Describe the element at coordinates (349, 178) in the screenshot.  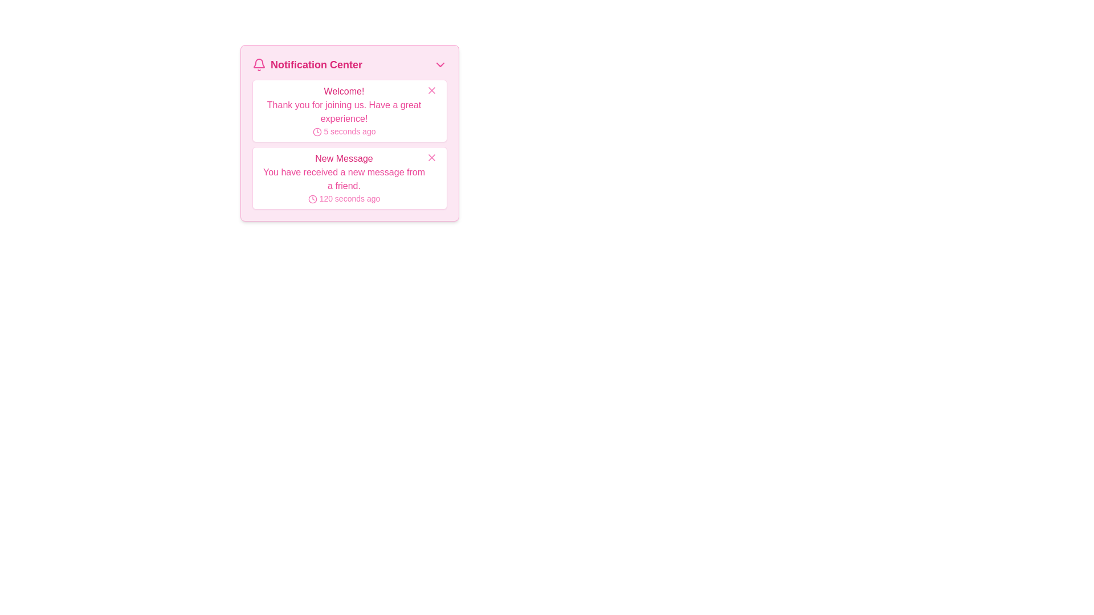
I see `the second notification card in the 'Notification Center' dropdown that informs the user about a new message` at that location.